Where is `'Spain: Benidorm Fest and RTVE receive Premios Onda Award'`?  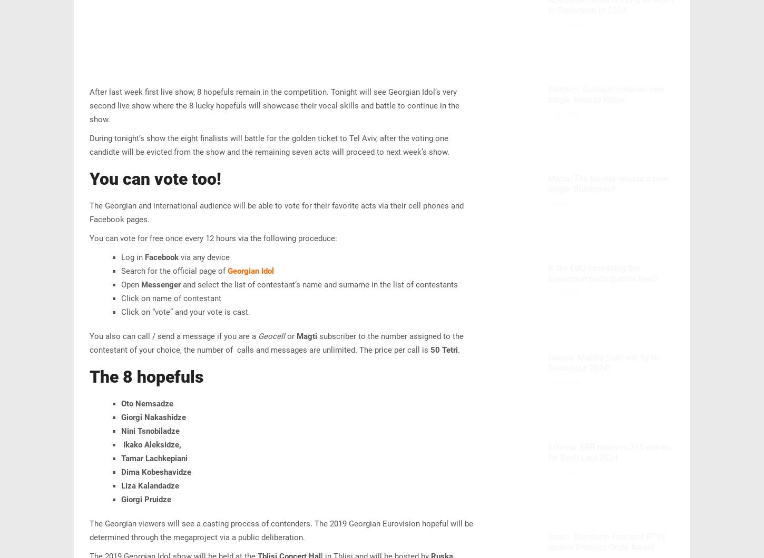
'Spain: Benidorm Fest and RTVE receive Premios Onda Award' is located at coordinates (606, 541).